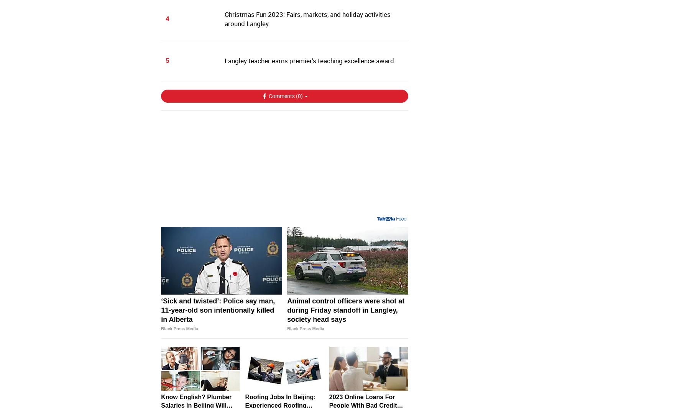 Image resolution: width=690 pixels, height=408 pixels. Describe the element at coordinates (161, 360) in the screenshot. I see `'‘Sick and twisted’: Police say man, 11-year-old son intentionally killed in Alberta'` at that location.